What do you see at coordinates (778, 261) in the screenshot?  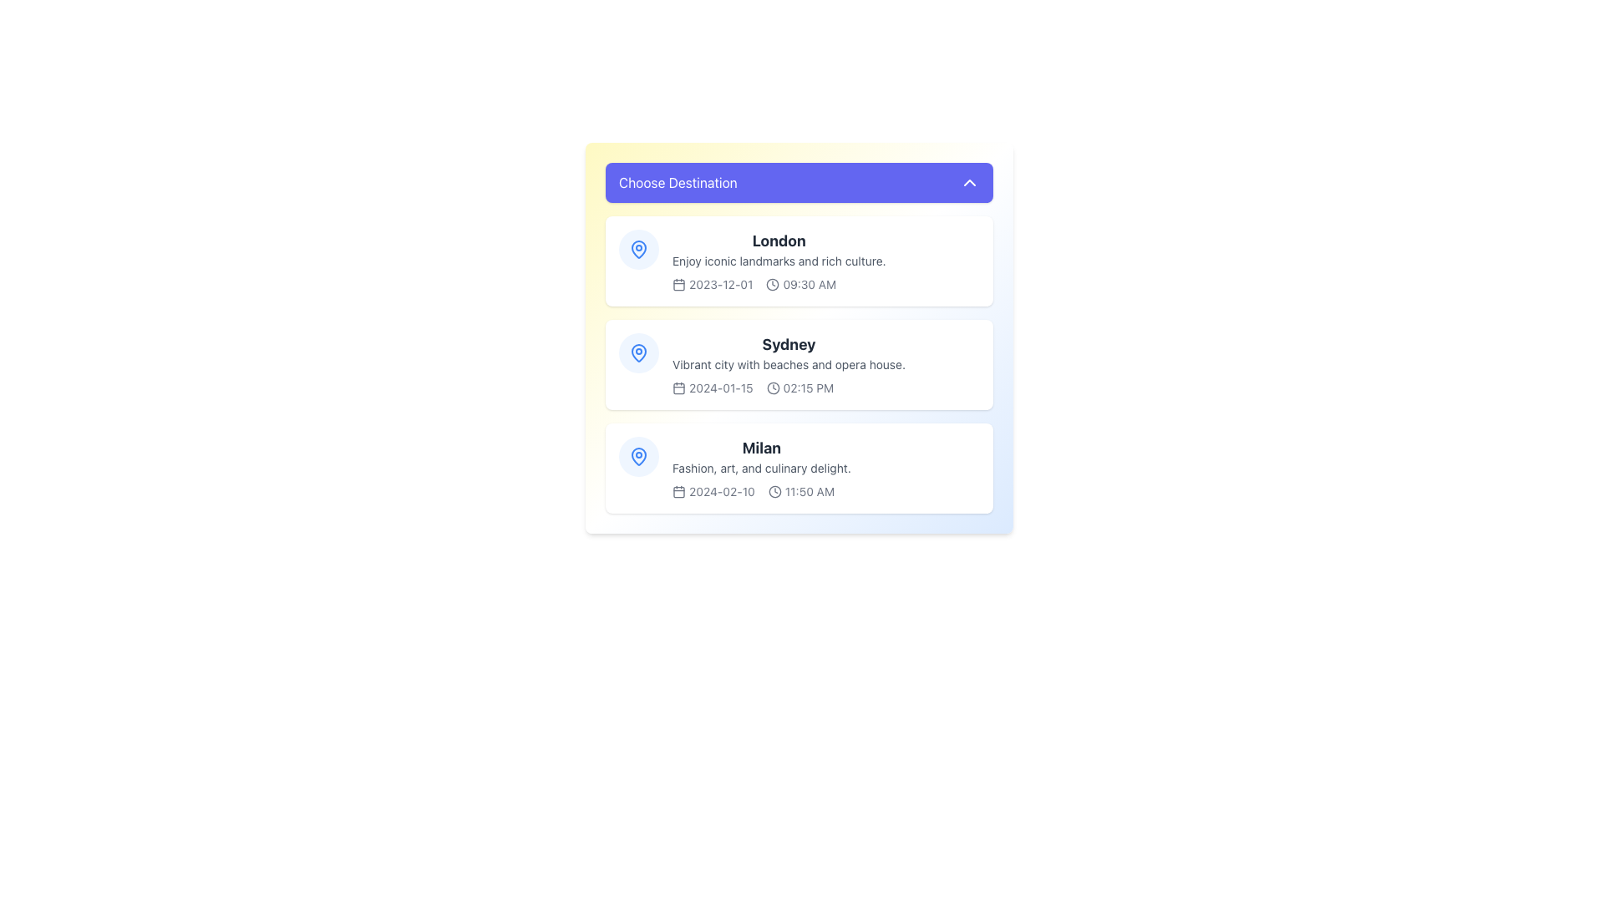 I see `information displayed in the Informative Panel about the city of London, which includes its name, a brief description, and the scheduled date and time for an event` at bounding box center [778, 261].